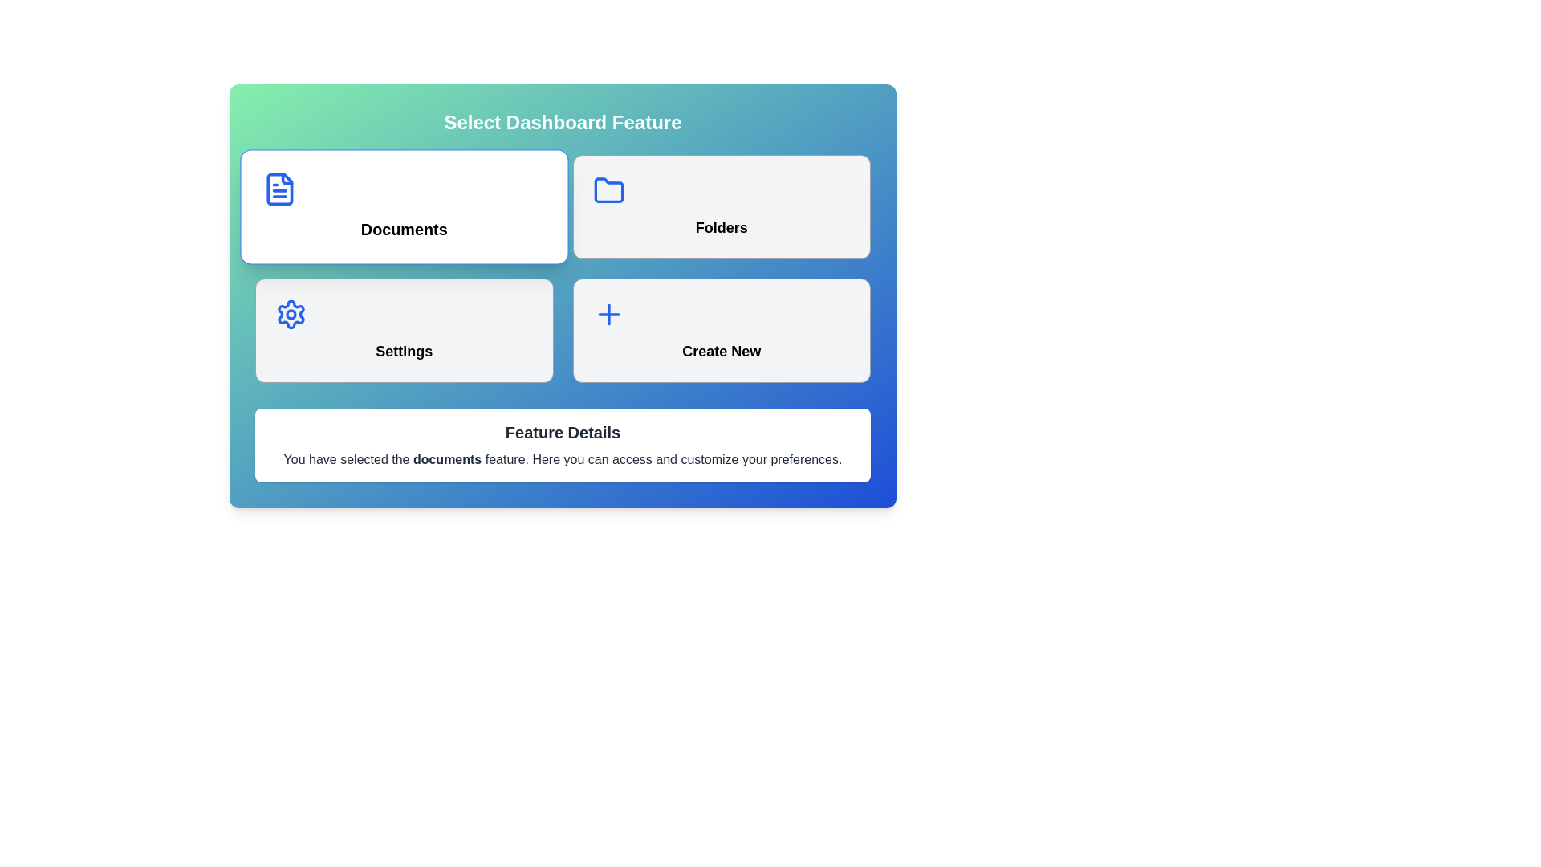 The height and width of the screenshot is (867, 1541). What do you see at coordinates (279, 188) in the screenshot?
I see `the blue file icon located above the 'Documents' text in the dashboard interface` at bounding box center [279, 188].